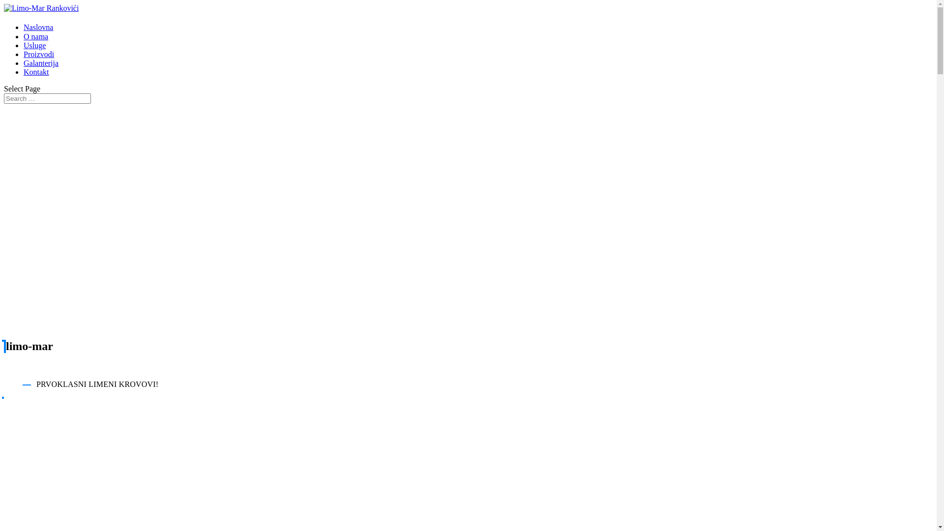 The image size is (944, 531). Describe the element at coordinates (38, 54) in the screenshot. I see `'Proizvodi'` at that location.